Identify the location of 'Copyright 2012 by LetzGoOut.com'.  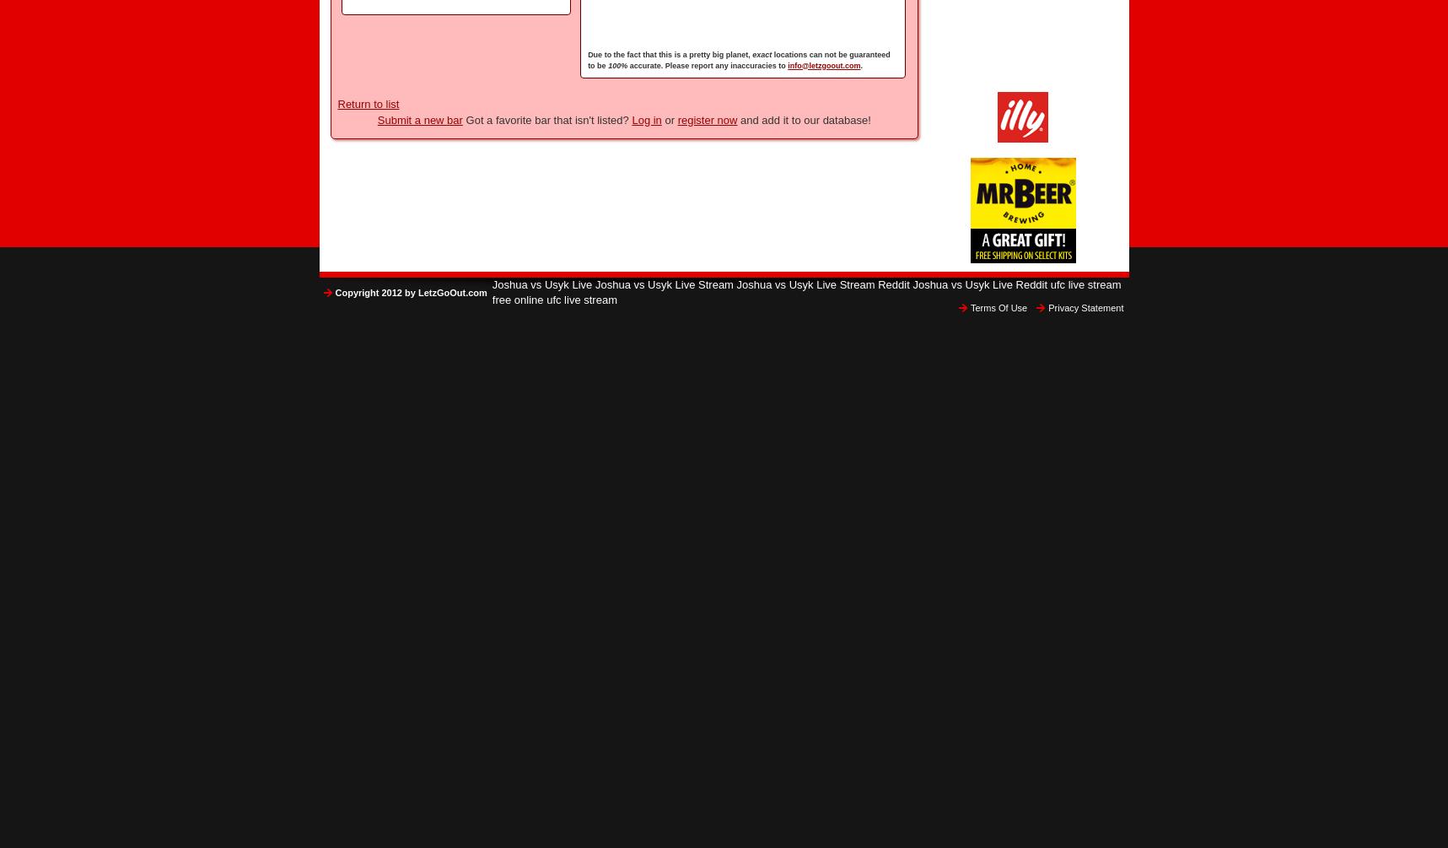
(333, 292).